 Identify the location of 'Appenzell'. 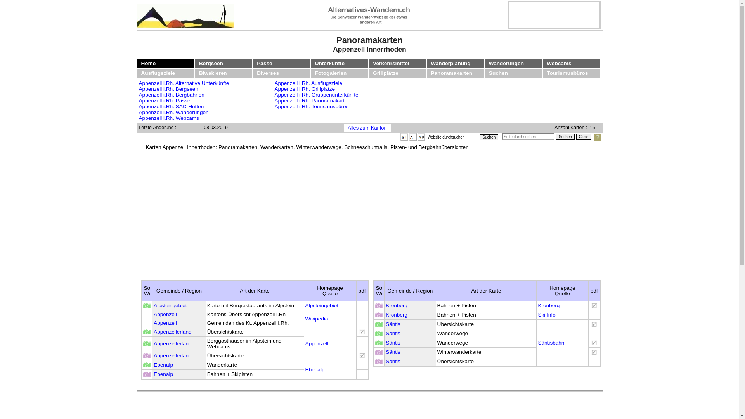
(165, 323).